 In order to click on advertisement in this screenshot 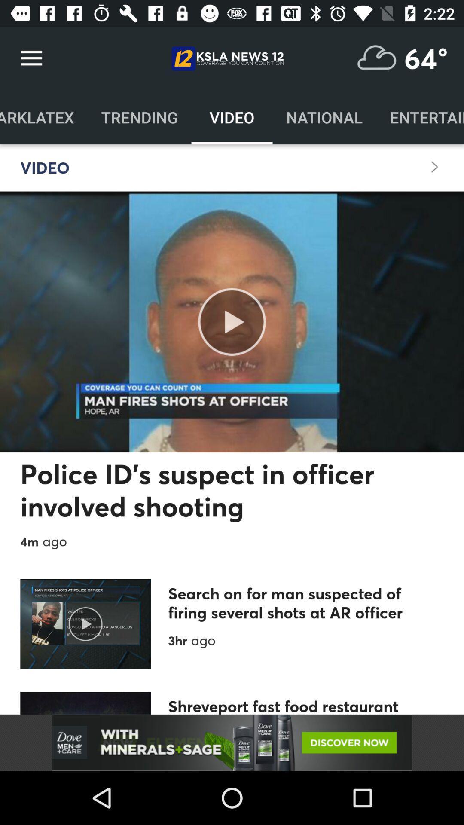, I will do `click(232, 742)`.